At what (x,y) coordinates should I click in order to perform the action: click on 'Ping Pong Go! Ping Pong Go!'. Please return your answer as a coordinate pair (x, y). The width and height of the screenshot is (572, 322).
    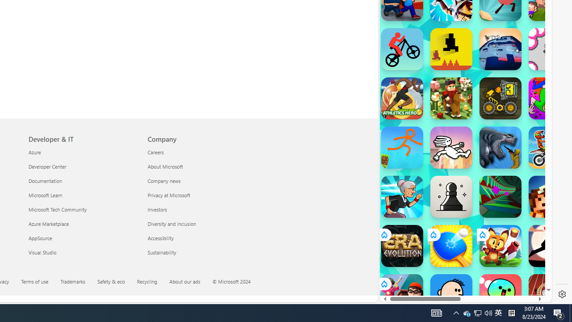
    Looking at the image, I should click on (451, 246).